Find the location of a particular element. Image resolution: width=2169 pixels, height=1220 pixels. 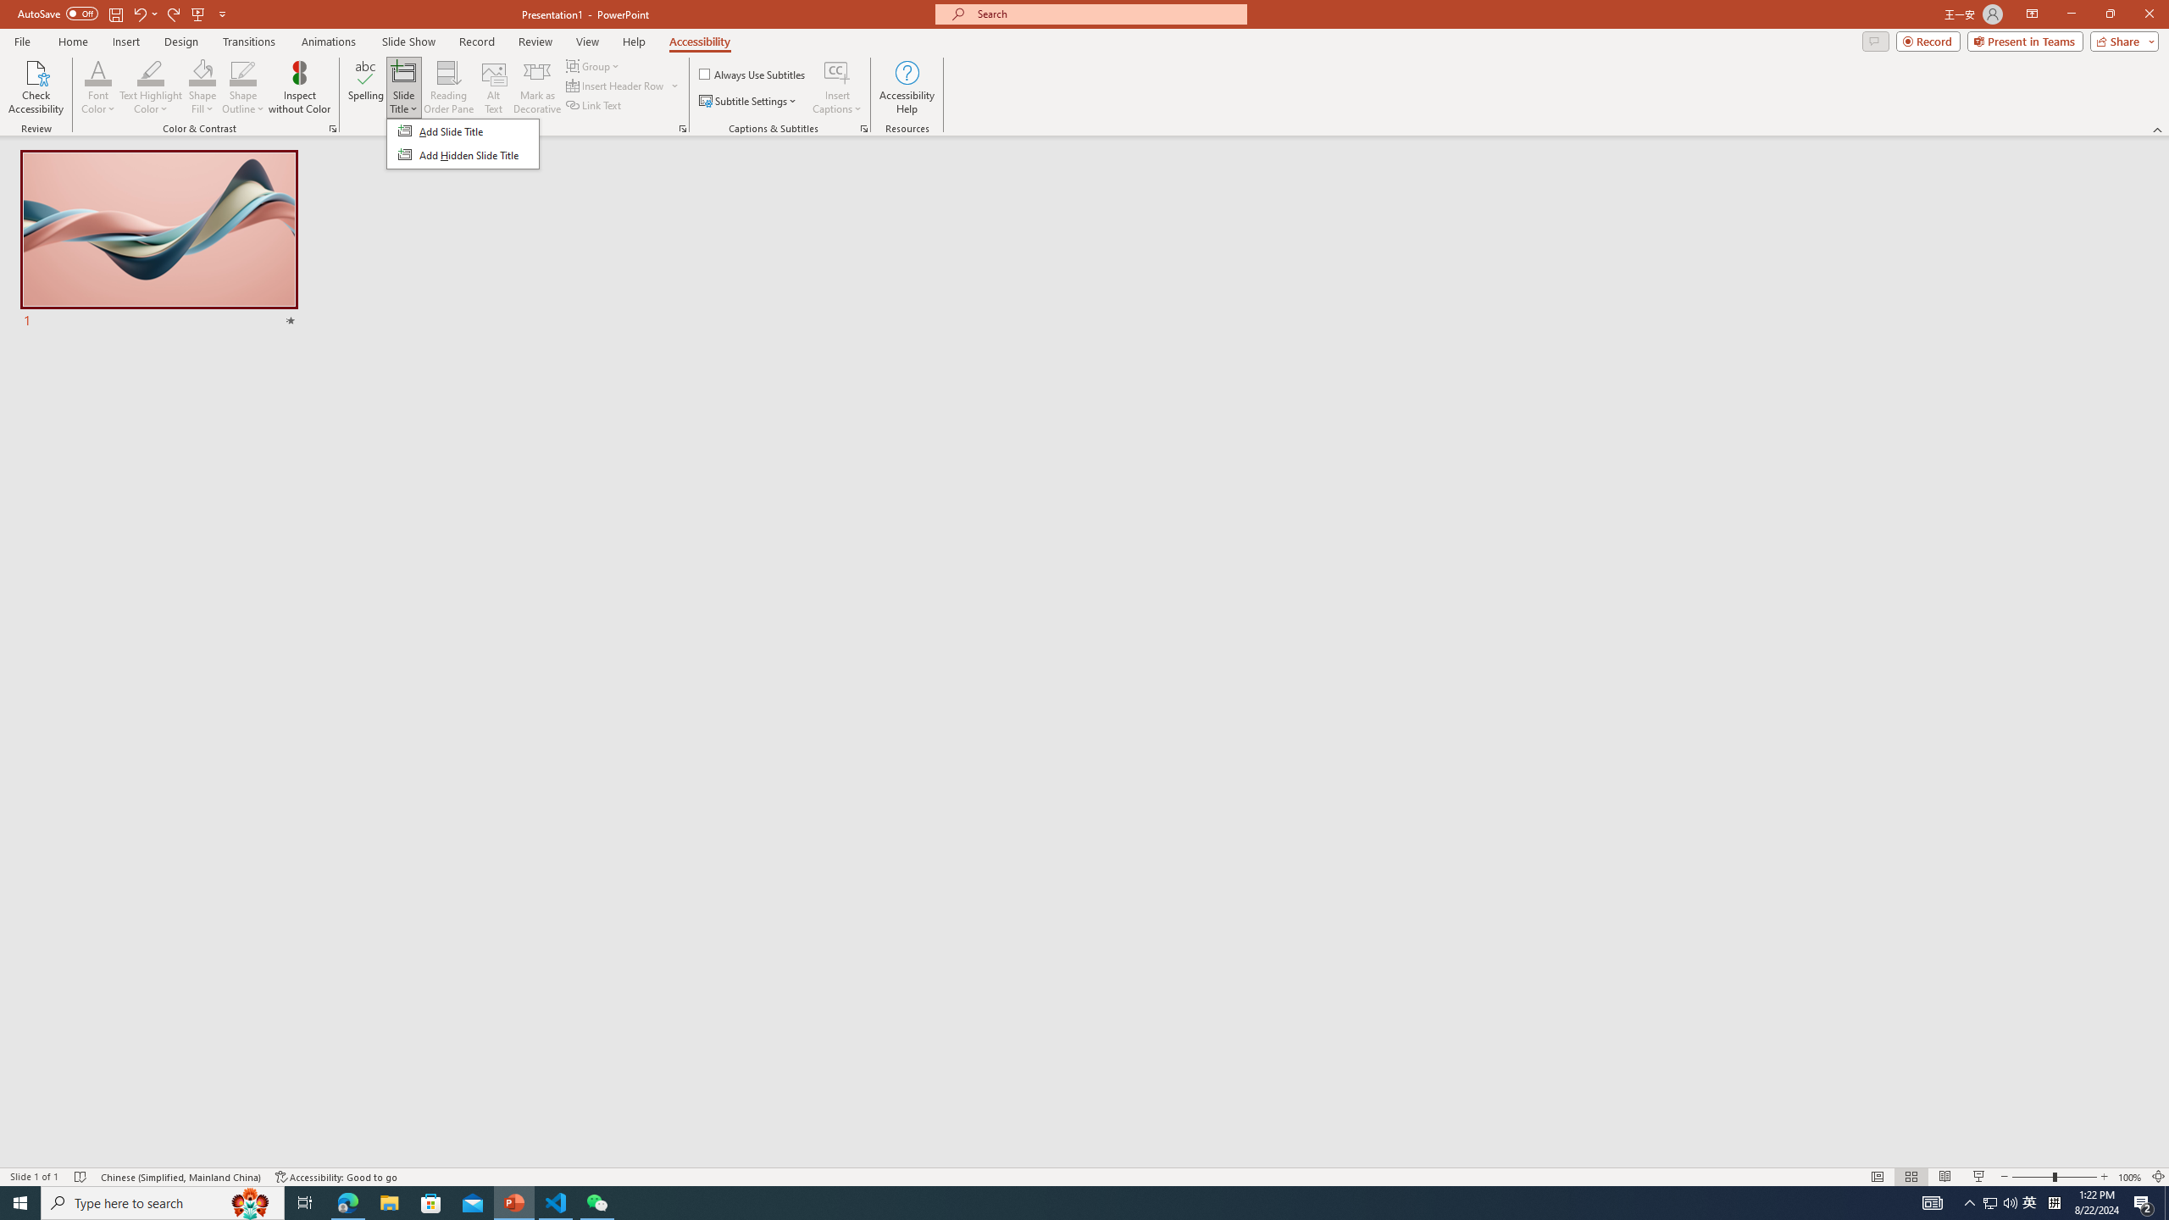

'Inspect without Color' is located at coordinates (300, 87).